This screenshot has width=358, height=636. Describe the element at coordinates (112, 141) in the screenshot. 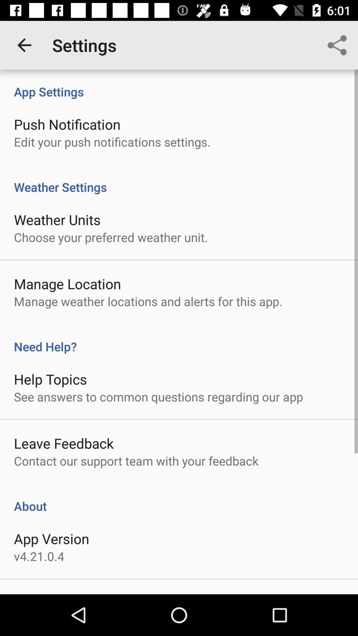

I see `edit your push item` at that location.